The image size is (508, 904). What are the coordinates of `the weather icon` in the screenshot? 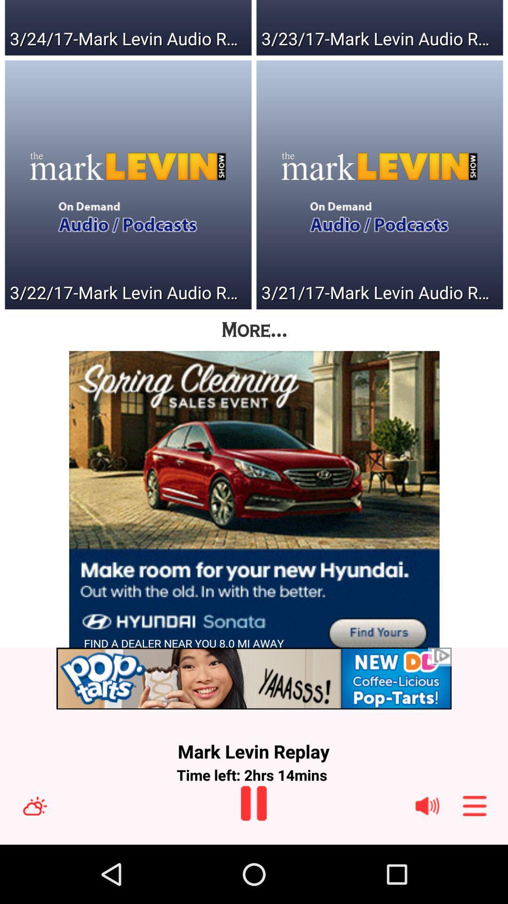 It's located at (46, 863).